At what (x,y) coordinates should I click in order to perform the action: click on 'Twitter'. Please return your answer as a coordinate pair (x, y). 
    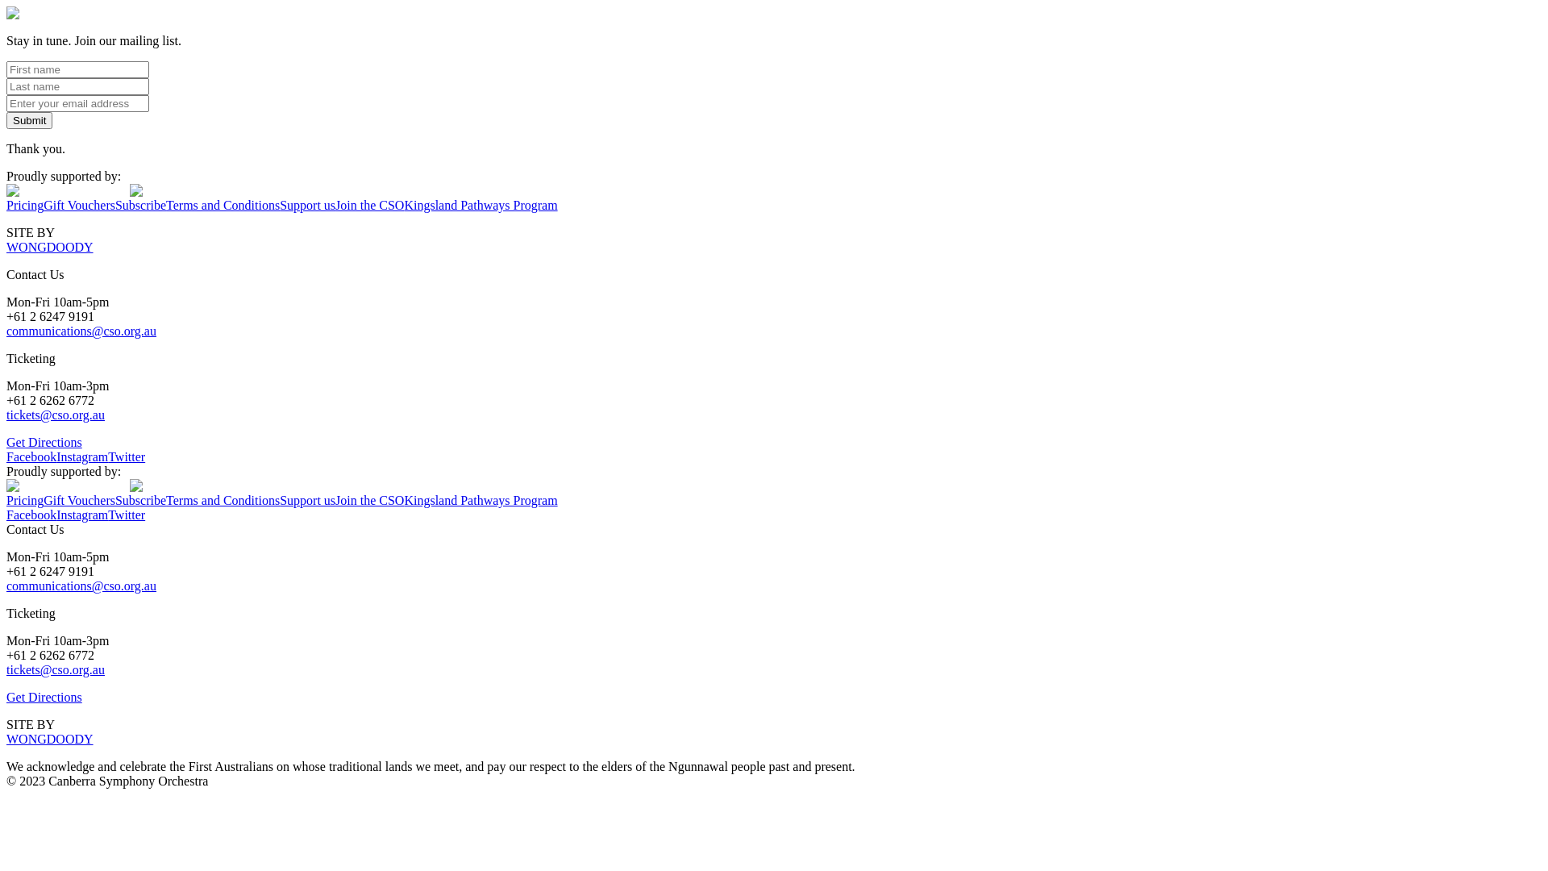
    Looking at the image, I should click on (126, 456).